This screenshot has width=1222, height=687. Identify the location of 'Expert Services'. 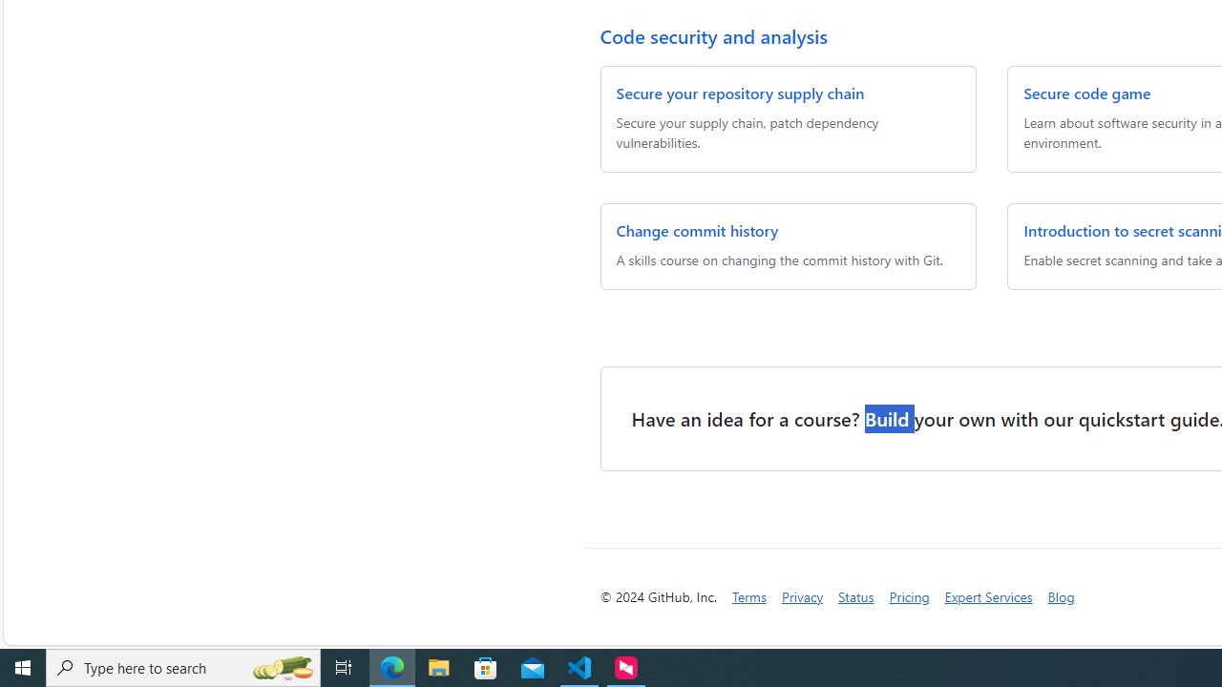
(988, 595).